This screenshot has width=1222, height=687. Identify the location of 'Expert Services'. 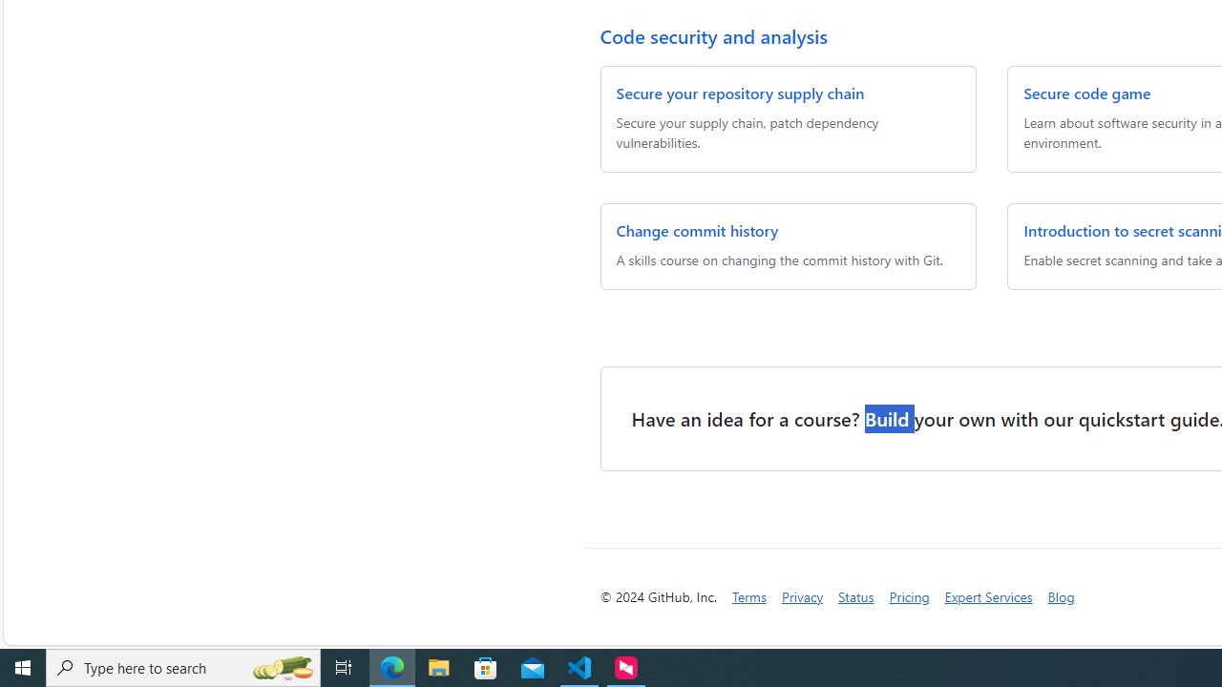
(988, 595).